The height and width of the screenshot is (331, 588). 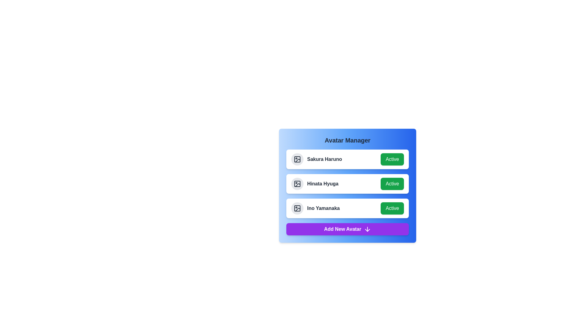 What do you see at coordinates (347, 208) in the screenshot?
I see `the placeholder image of the list item displaying 'Ino Yamanaka' and status 'Active' in the user management interface` at bounding box center [347, 208].